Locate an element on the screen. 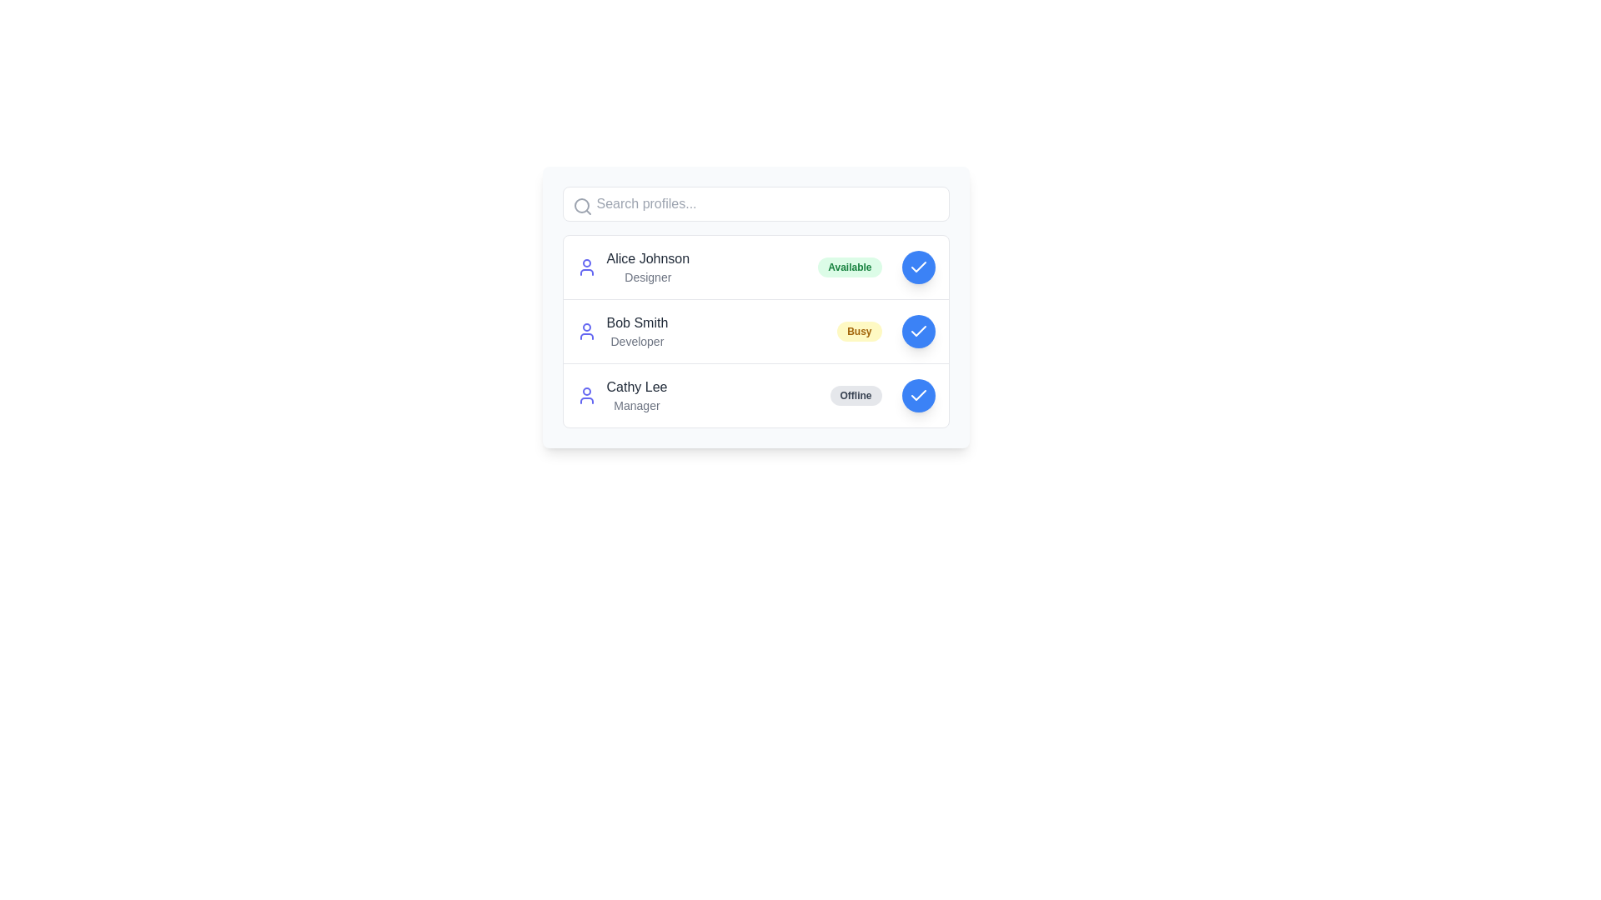 This screenshot has width=1601, height=900. the Text label that provides contextual information about the role of 'Alice Johnson', located below her name and to the left of the availability status indicator is located at coordinates (647, 276).